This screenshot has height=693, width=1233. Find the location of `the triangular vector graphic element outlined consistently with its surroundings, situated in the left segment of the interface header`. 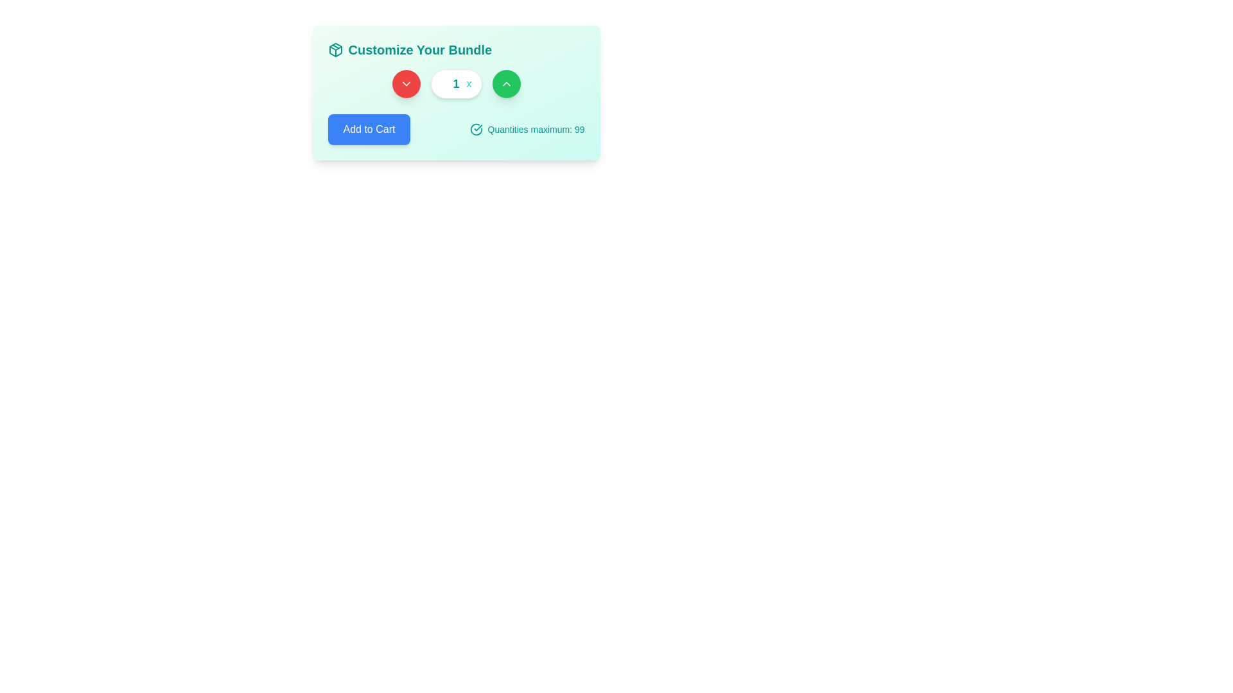

the triangular vector graphic element outlined consistently with its surroundings, situated in the left segment of the interface header is located at coordinates (335, 47).